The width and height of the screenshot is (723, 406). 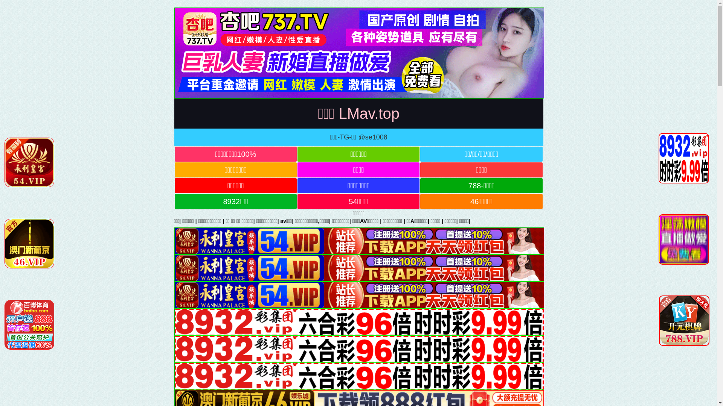 What do you see at coordinates (272, 220) in the screenshot?
I see `'|'` at bounding box center [272, 220].